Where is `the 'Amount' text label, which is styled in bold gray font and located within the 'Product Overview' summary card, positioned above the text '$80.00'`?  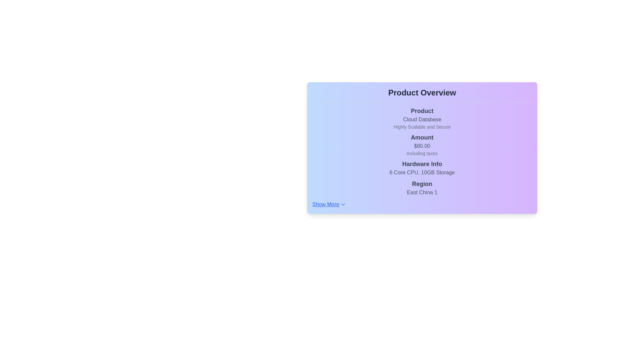
the 'Amount' text label, which is styled in bold gray font and located within the 'Product Overview' summary card, positioned above the text '$80.00' is located at coordinates (422, 137).